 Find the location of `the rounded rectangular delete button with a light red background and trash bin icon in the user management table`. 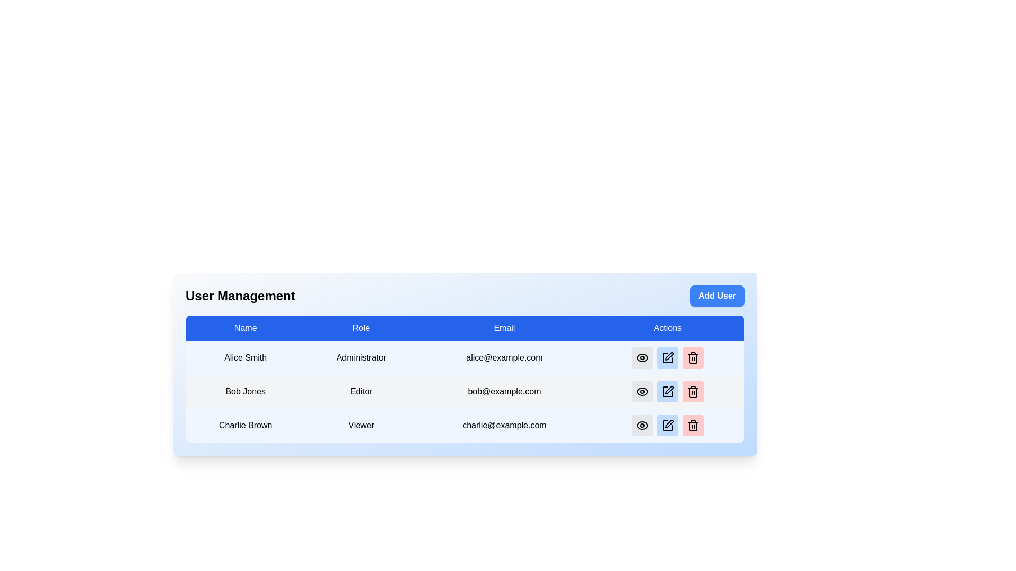

the rounded rectangular delete button with a light red background and trash bin icon in the user management table is located at coordinates (693, 391).